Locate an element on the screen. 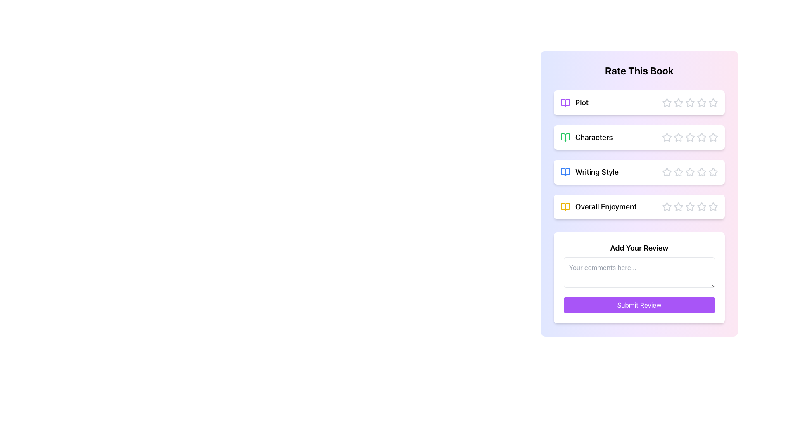 The image size is (793, 446). the first outlined star in the Rating Element labeled 'Plot' to assign a rating is located at coordinates (639, 102).